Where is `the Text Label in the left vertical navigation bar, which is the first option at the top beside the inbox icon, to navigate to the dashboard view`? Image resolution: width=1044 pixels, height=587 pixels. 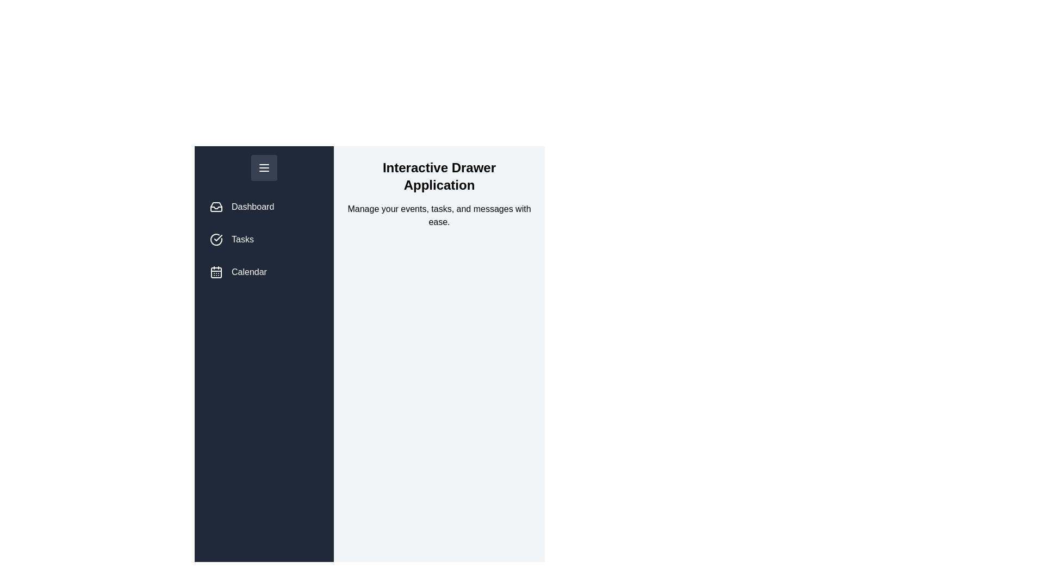
the Text Label in the left vertical navigation bar, which is the first option at the top beside the inbox icon, to navigate to the dashboard view is located at coordinates (252, 207).